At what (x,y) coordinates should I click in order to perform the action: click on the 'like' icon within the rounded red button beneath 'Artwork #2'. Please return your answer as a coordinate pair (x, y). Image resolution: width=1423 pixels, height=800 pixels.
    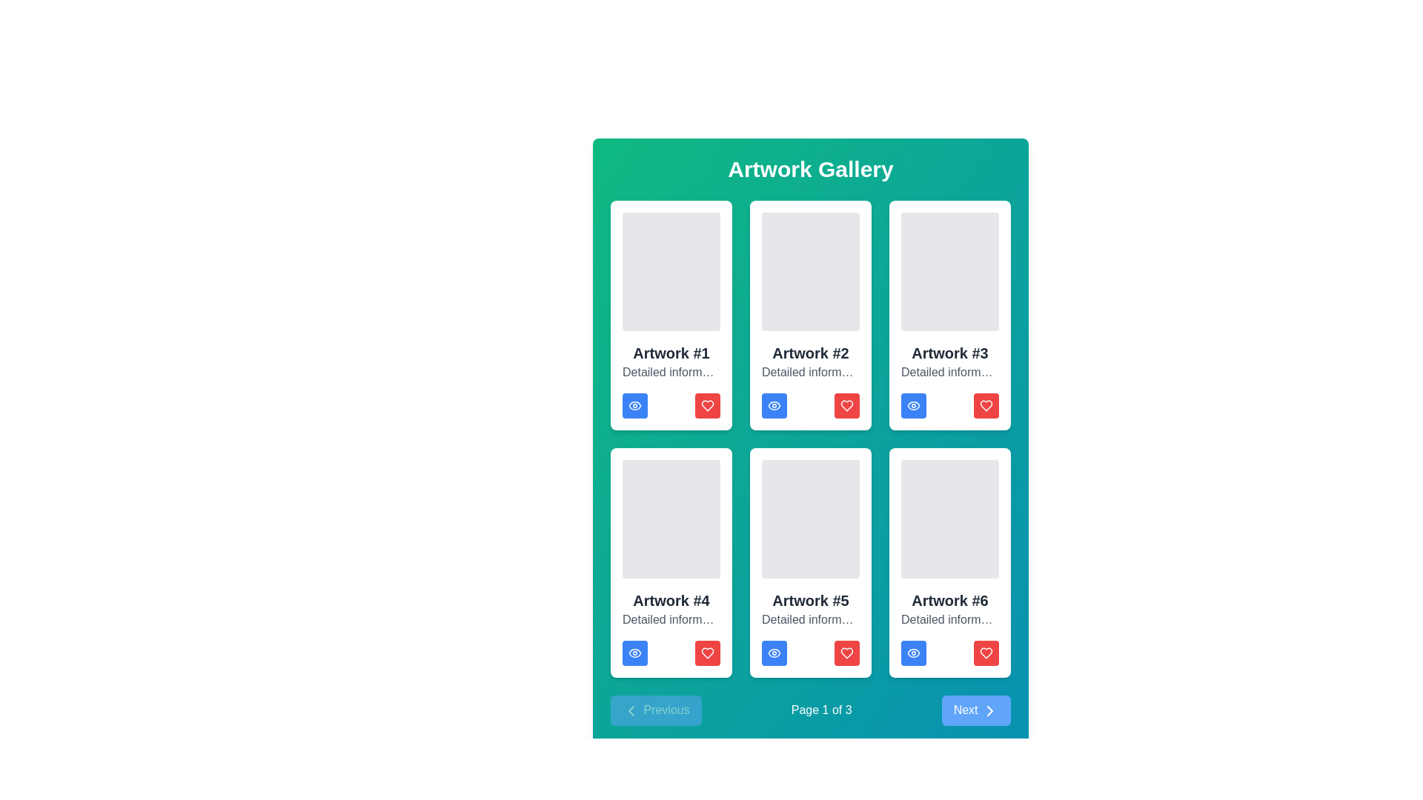
    Looking at the image, I should click on (846, 405).